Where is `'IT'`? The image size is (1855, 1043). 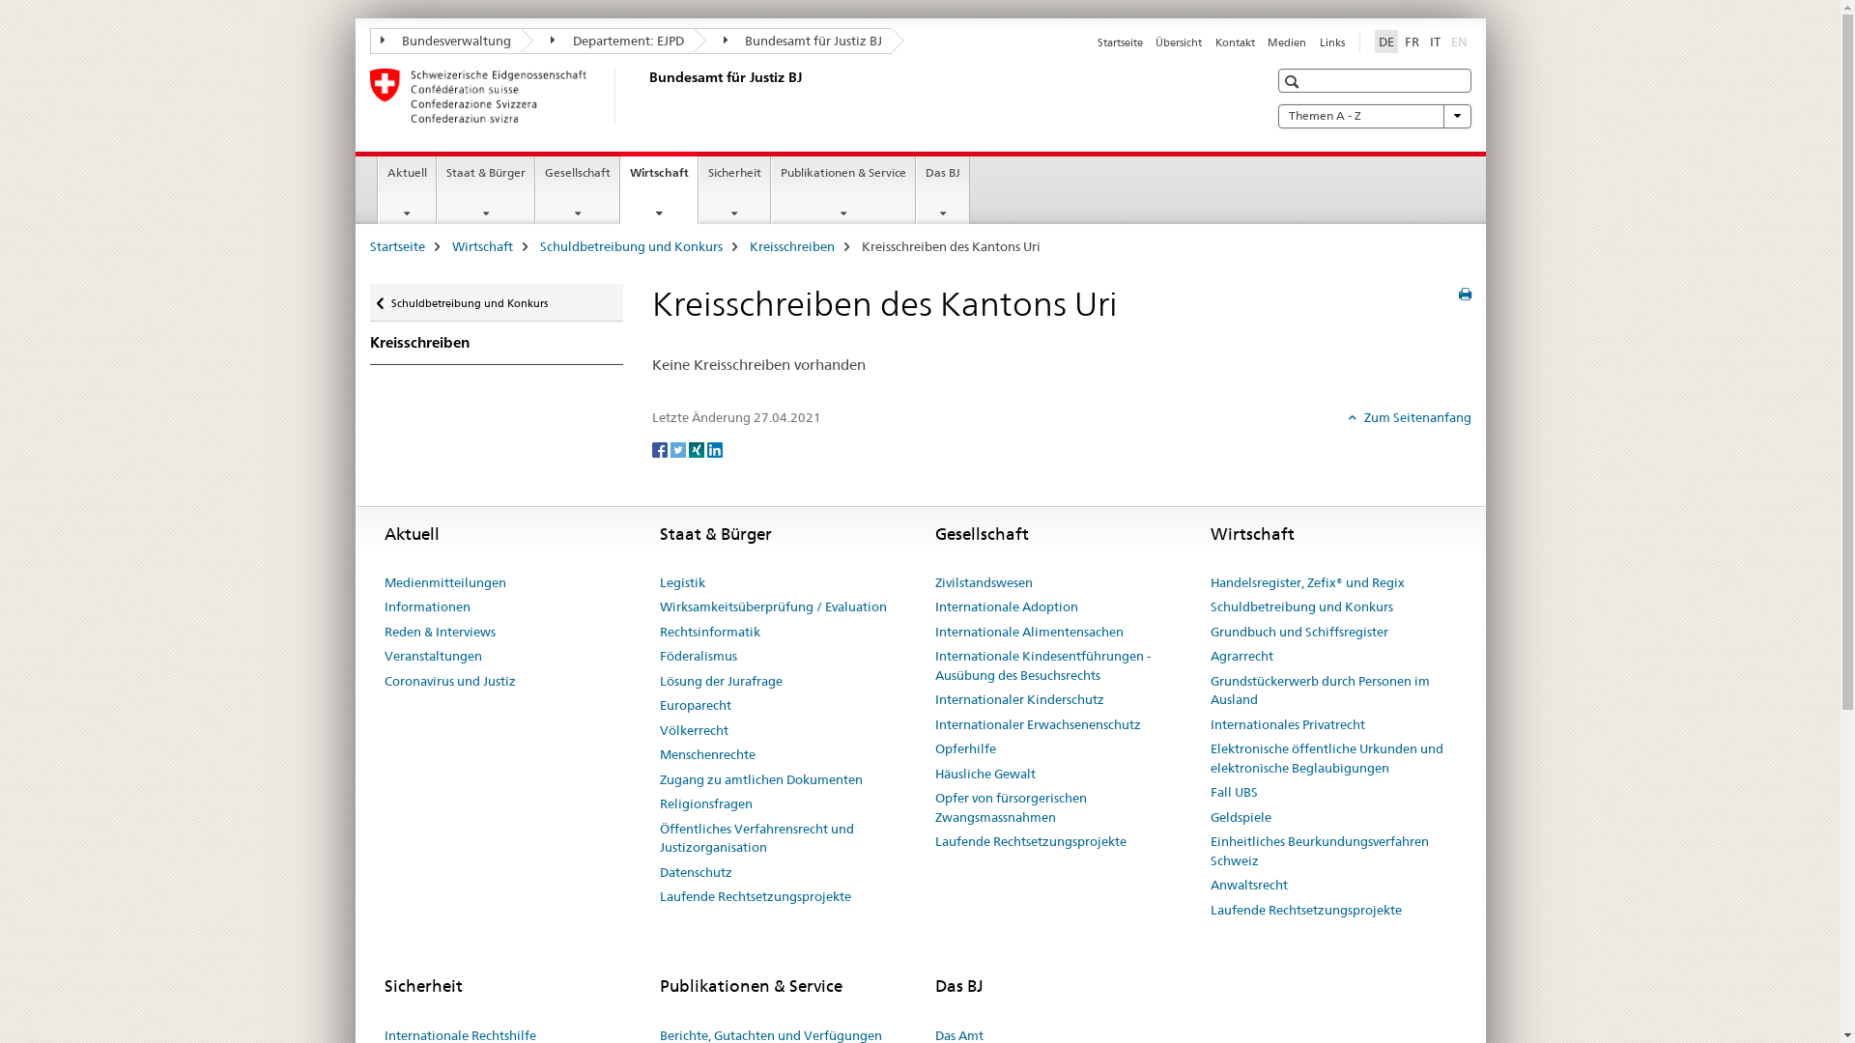
'IT' is located at coordinates (1435, 41).